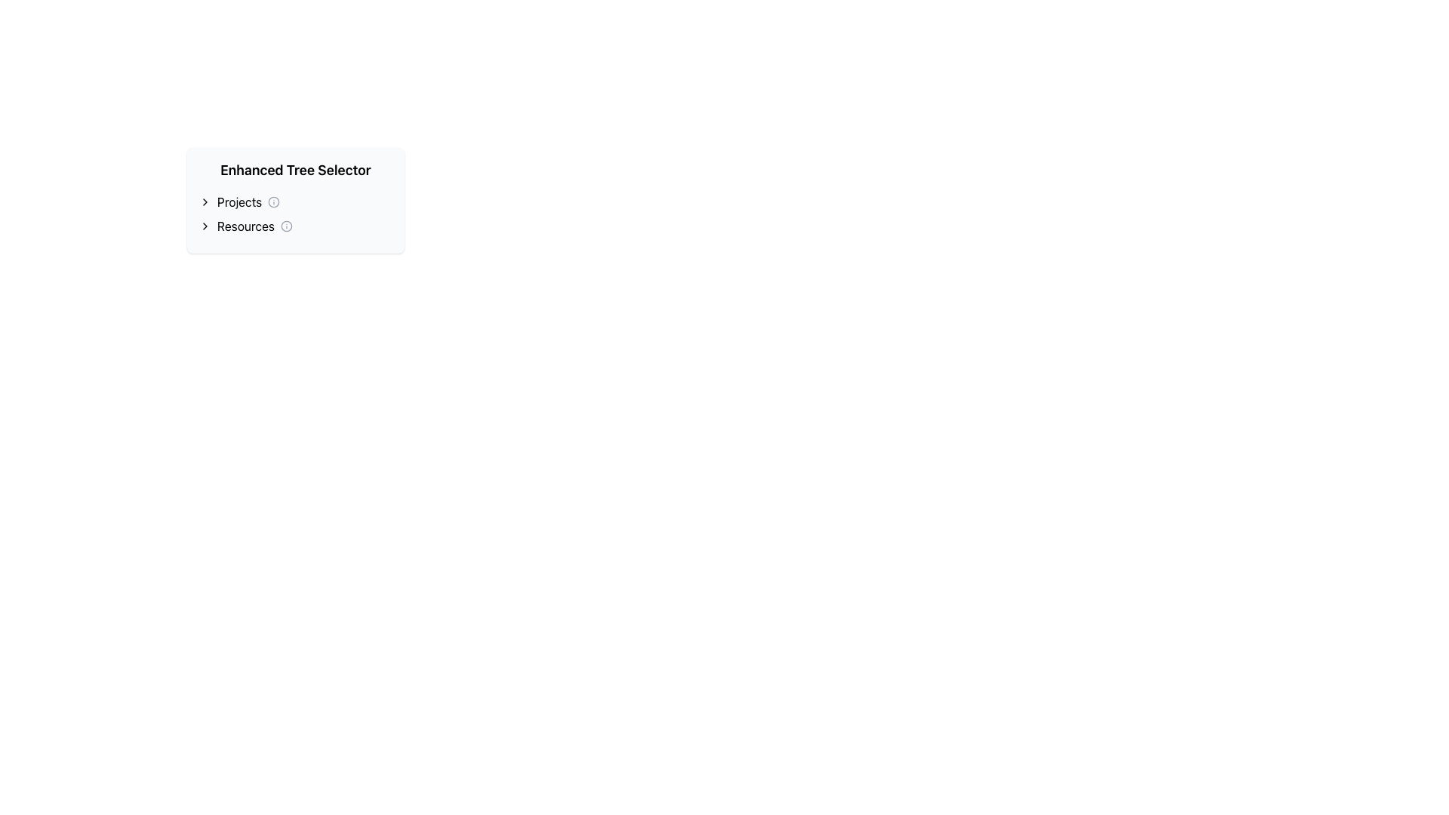  I want to click on the 'Projects' Tree Node Selector element, so click(296, 201).